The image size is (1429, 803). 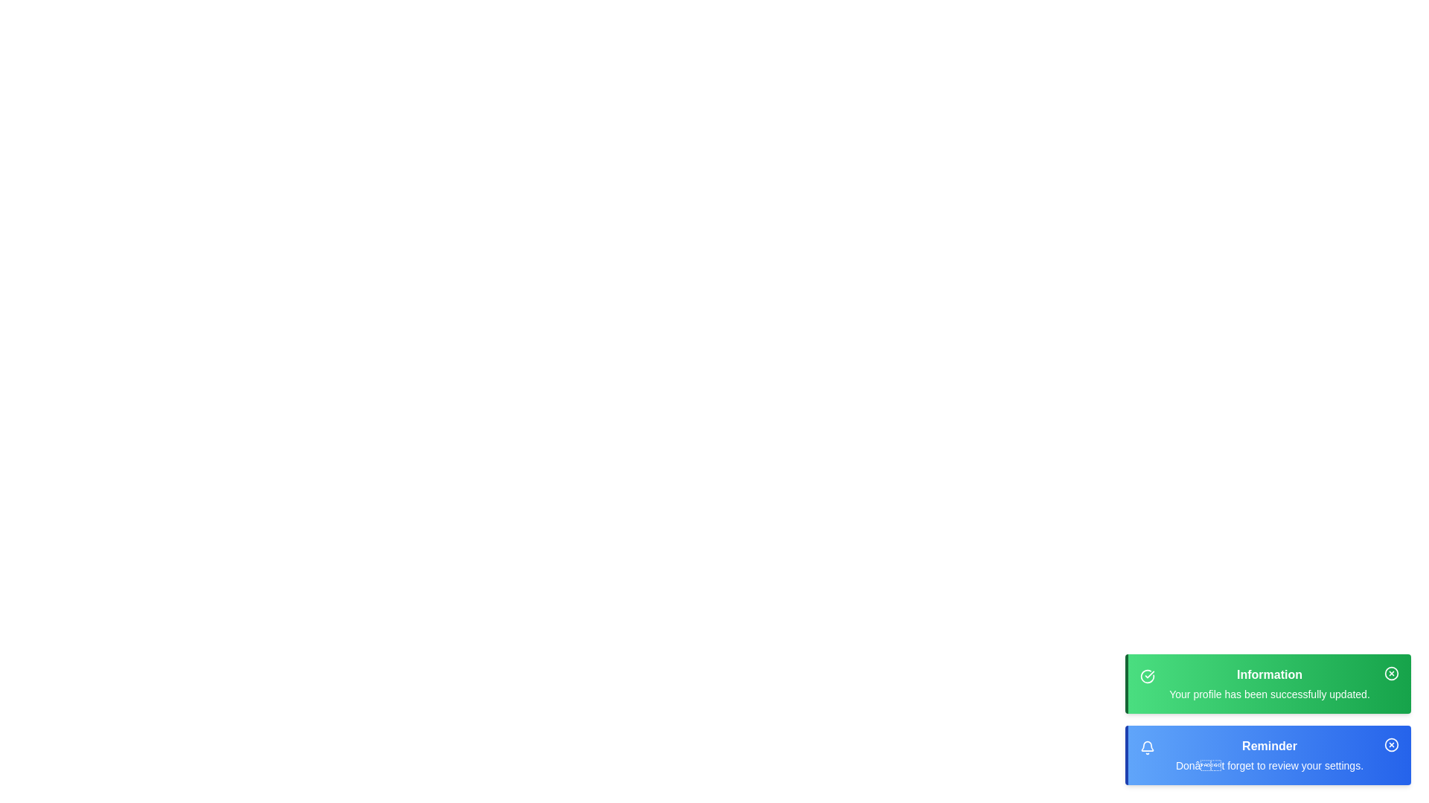 I want to click on the circular part of the 'close' button icon located at the top-right corner of the blue 'Reminder' notification bar, so click(x=1391, y=745).